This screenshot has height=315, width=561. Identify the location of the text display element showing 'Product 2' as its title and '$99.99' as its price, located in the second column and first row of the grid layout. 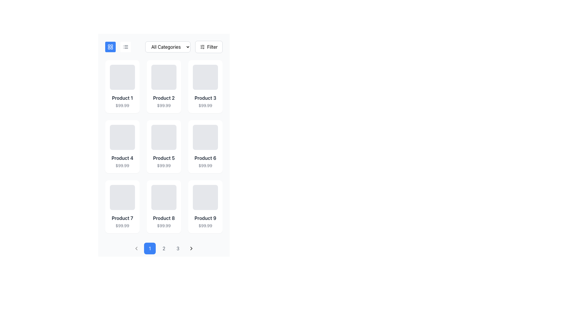
(164, 101).